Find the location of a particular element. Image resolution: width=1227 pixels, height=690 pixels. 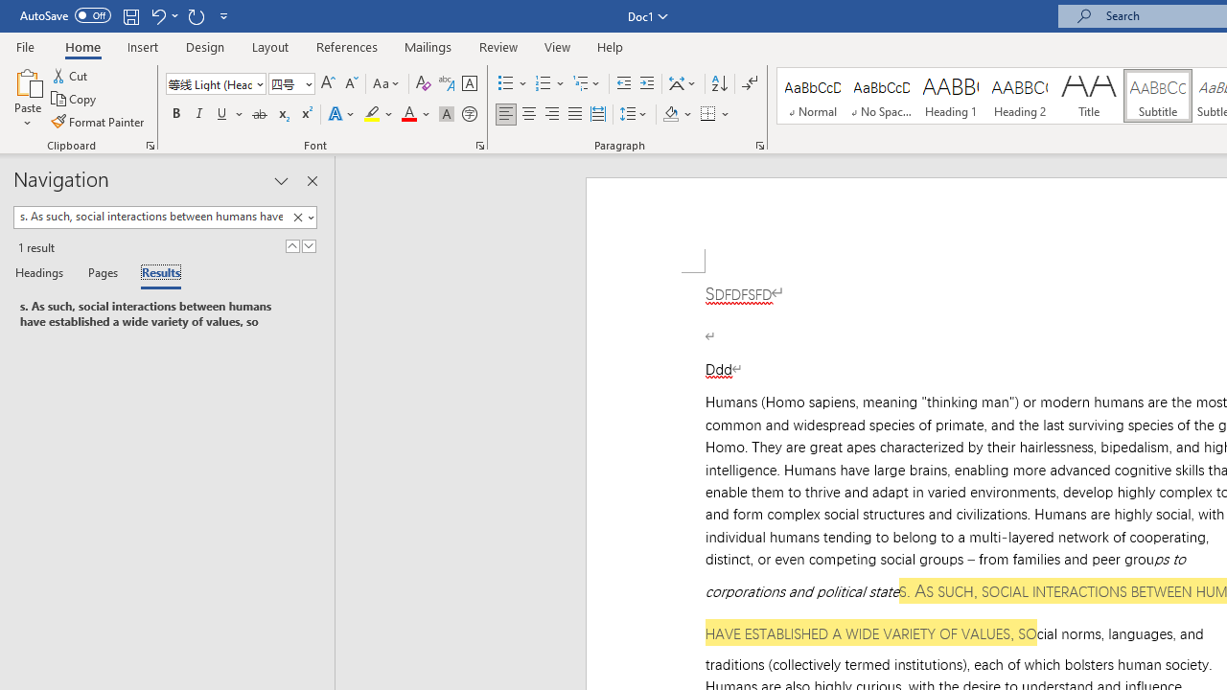

'Repeat Style' is located at coordinates (196, 15).